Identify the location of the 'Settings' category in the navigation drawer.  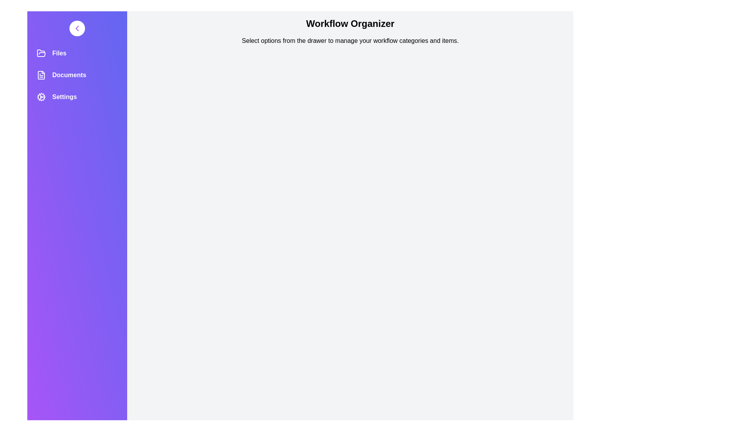
(77, 97).